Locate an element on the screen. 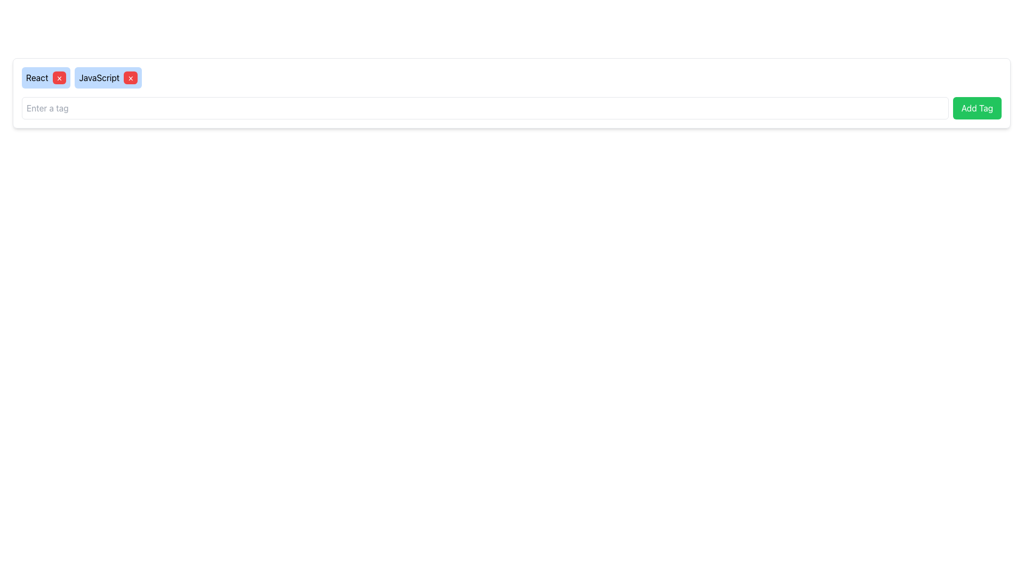  the 'JavaScript' tag label, which is part of a horizontal list of tags located near the top of the interface, positioned between the 'React' tag and a button labeled '×' is located at coordinates (99, 77).